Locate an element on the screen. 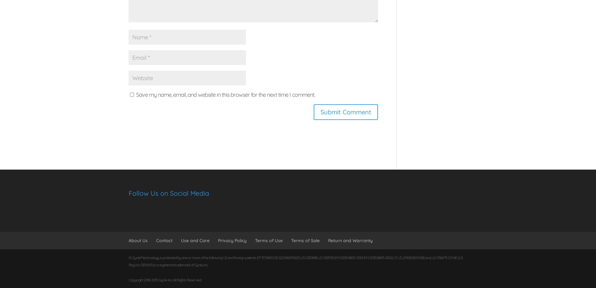  'Follow Us on Social Media' is located at coordinates (169, 193).